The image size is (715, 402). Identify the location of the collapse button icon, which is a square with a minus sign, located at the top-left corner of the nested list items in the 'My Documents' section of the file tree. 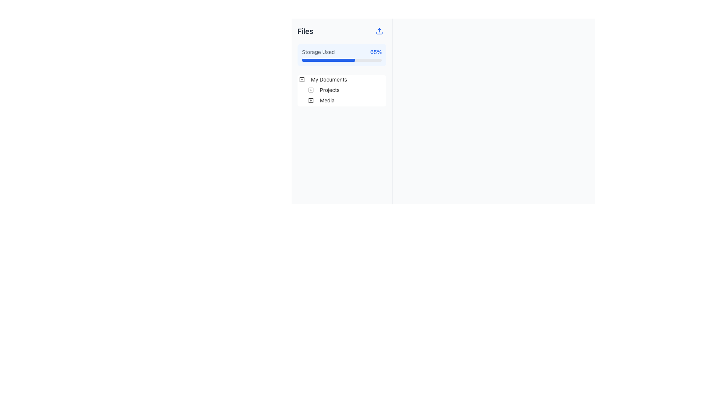
(302, 79).